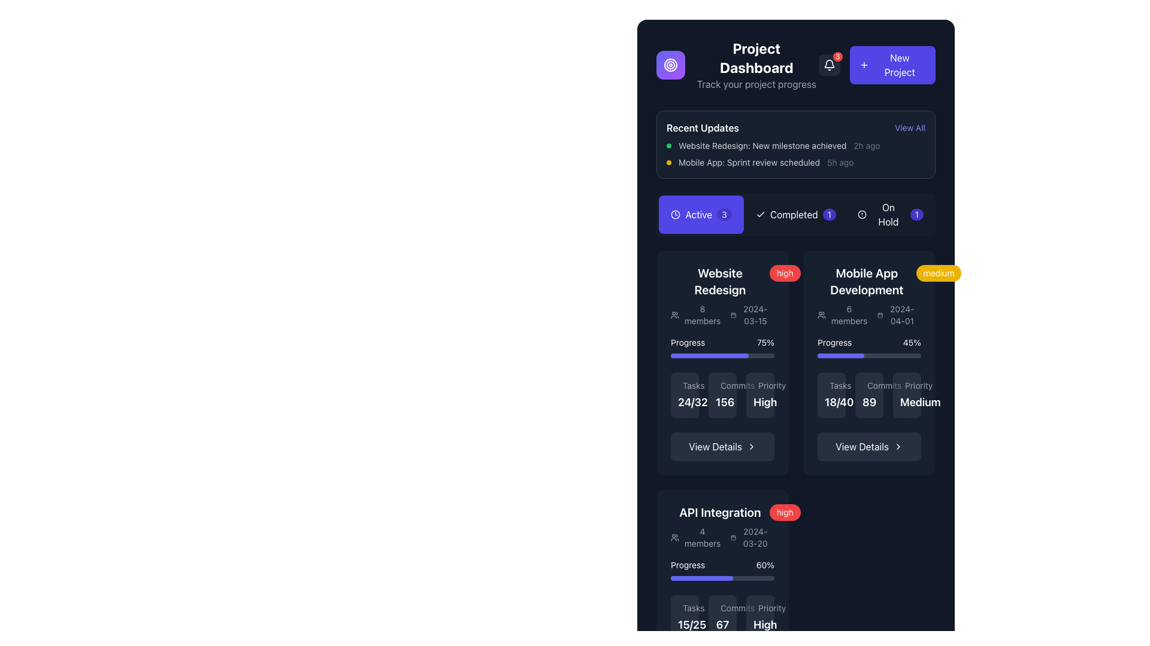 The height and width of the screenshot is (646, 1150). Describe the element at coordinates (907, 385) in the screenshot. I see `the 'Priority' label element, which displays the text in a small gray font at the bottom center of the 'Mobile App Development' card, positioned directly above the priority level text` at that location.